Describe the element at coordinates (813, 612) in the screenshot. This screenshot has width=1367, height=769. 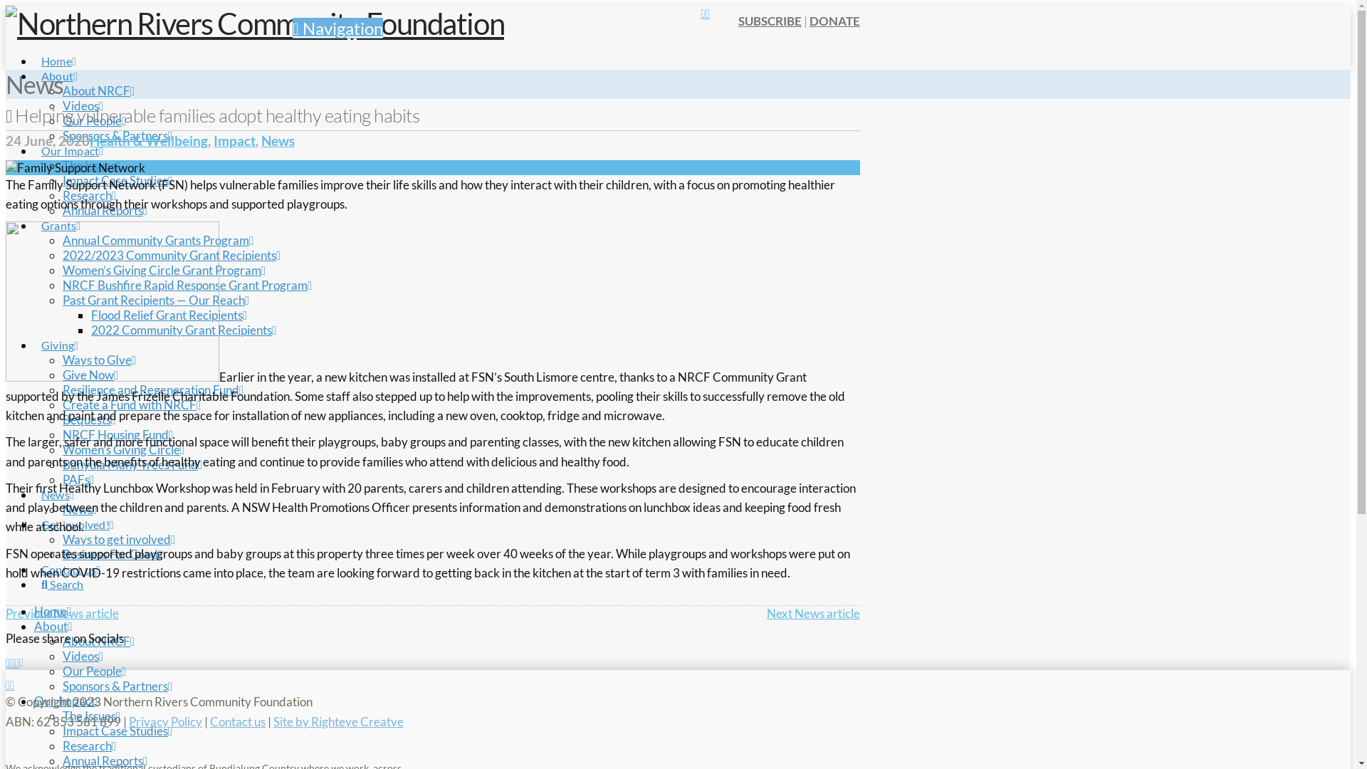
I see `'Next News article'` at that location.